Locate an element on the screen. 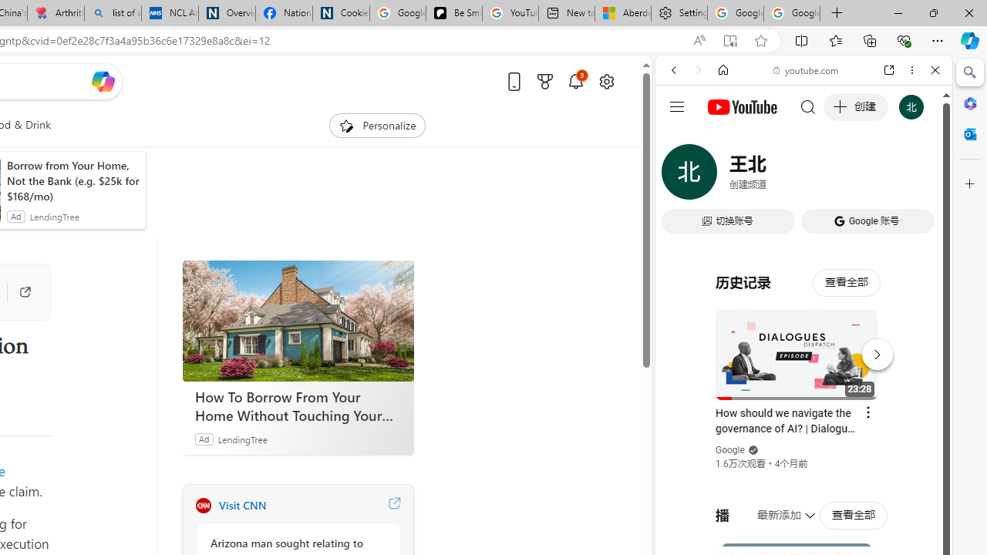 The width and height of the screenshot is (987, 555). 'Arthritis: Ask Health Professionals' is located at coordinates (56, 13).